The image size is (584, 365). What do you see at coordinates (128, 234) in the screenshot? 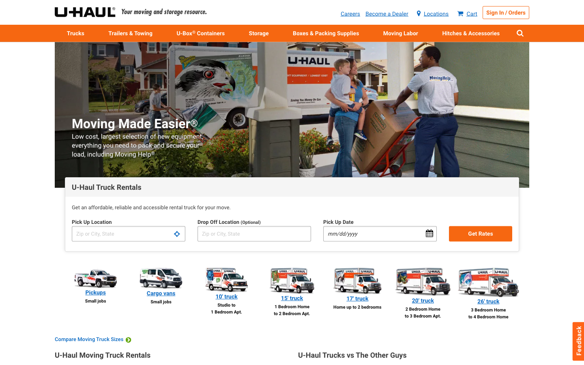
I see `Retrieve pricing for lorry hire with collection from point A and return to point B` at bounding box center [128, 234].